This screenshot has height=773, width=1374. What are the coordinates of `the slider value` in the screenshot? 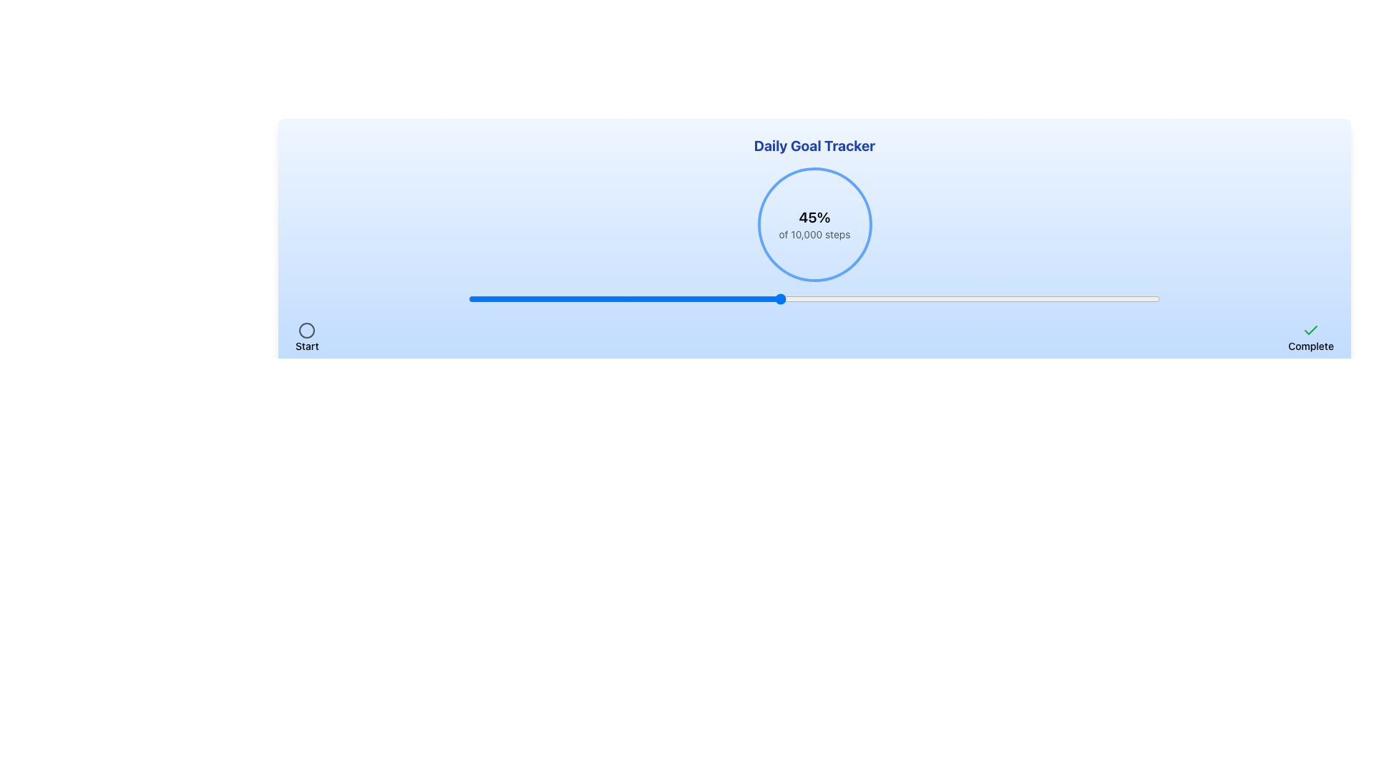 It's located at (952, 298).